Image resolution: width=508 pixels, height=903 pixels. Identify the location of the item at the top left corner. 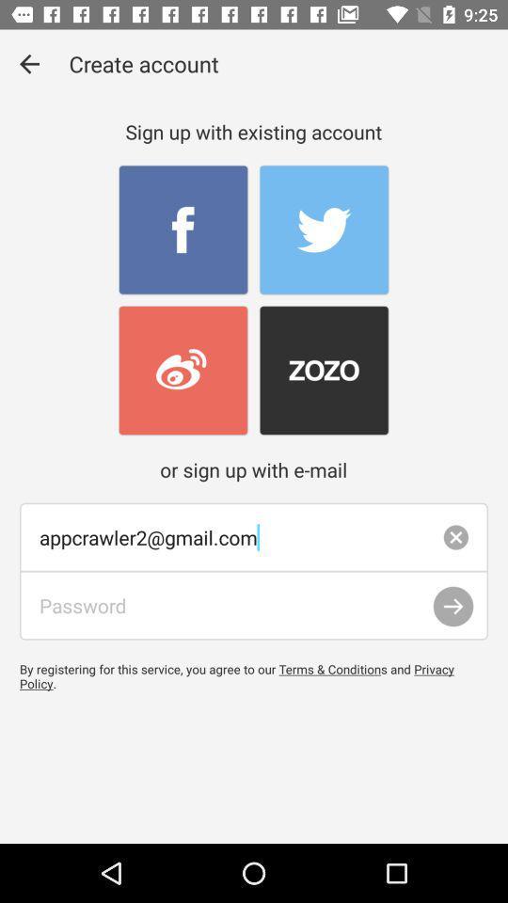
(28, 64).